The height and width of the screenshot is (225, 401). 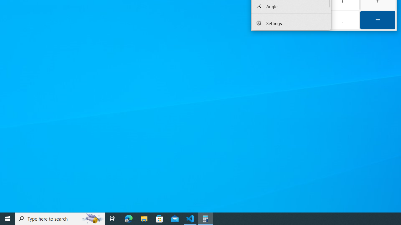 I want to click on 'Type here to search', so click(x=60, y=218).